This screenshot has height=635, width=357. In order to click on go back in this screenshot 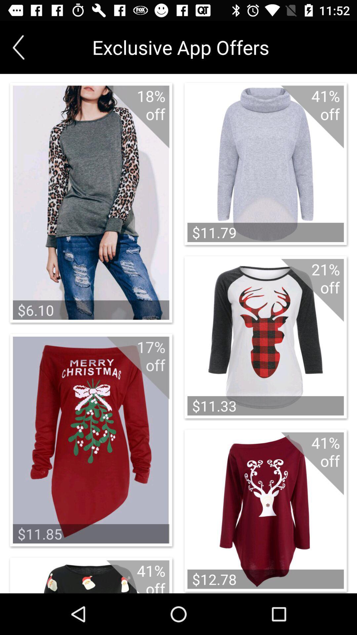, I will do `click(18, 47)`.